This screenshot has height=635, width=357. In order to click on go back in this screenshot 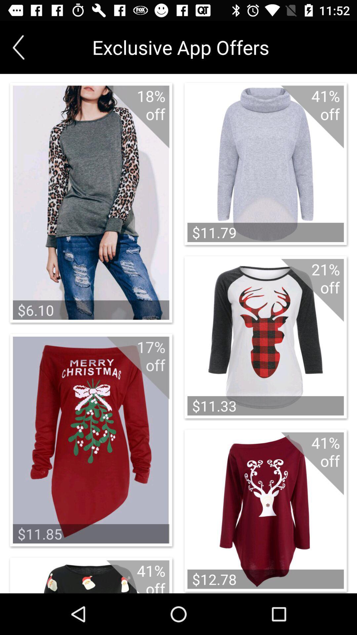, I will do `click(18, 47)`.